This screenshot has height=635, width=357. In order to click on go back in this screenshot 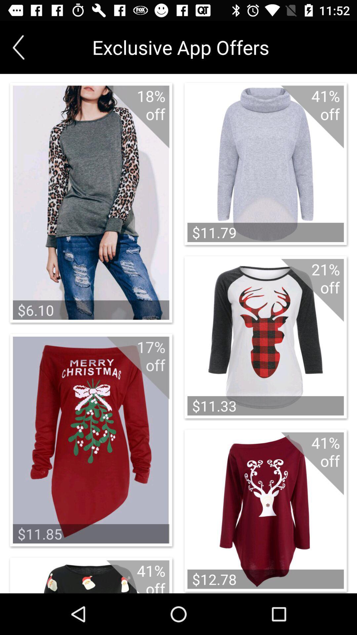, I will do `click(18, 47)`.